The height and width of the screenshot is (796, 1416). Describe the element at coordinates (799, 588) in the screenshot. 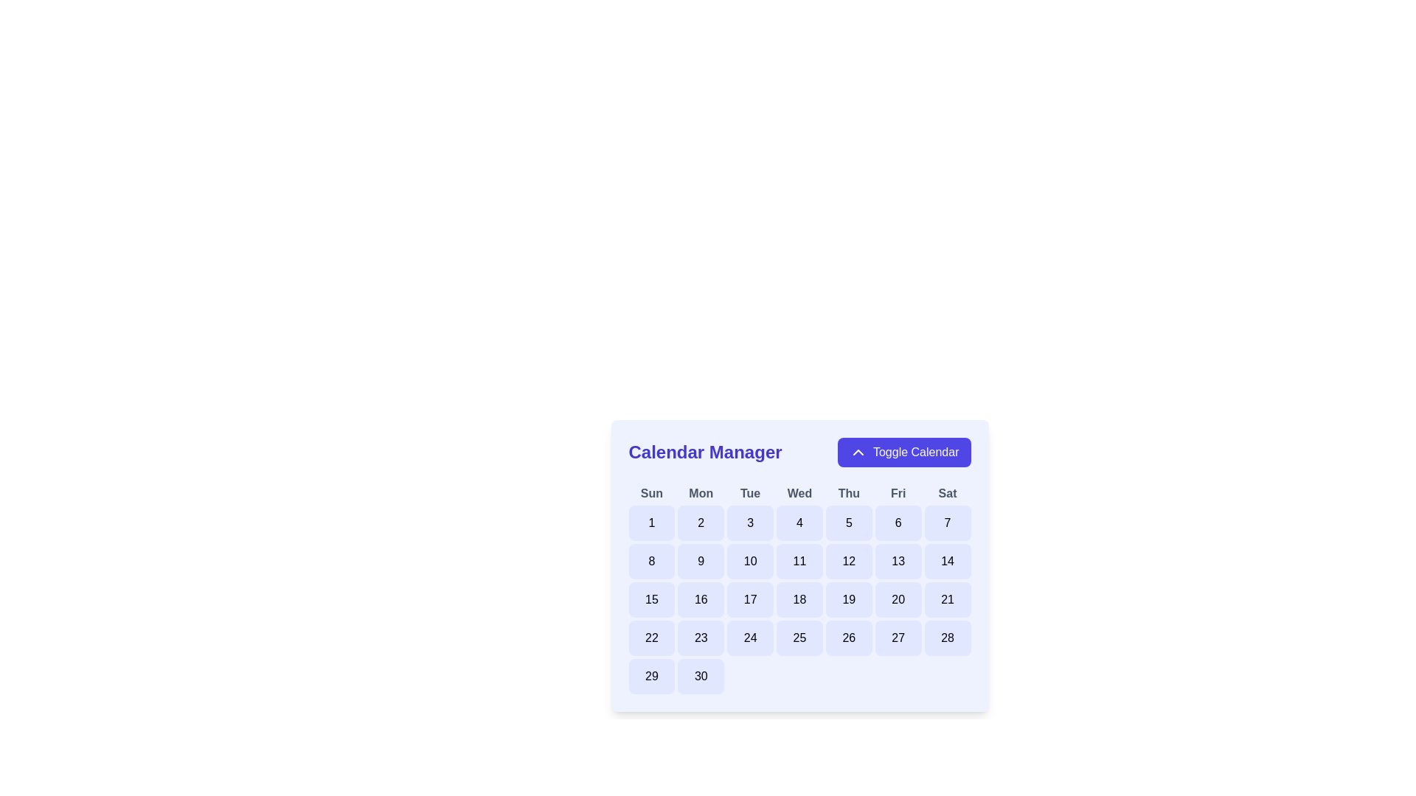

I see `a specific date in the calendar grid, which features a light background and indigo highlights, located at the center of the interface below the 'Calendar Manager' title and 'Toggle Calendar' button` at that location.